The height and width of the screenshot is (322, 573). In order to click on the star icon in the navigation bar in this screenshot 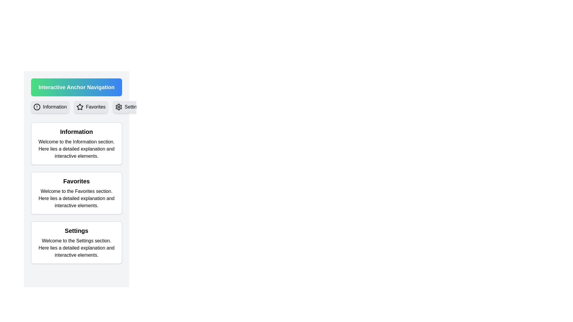, I will do `click(80, 106)`.